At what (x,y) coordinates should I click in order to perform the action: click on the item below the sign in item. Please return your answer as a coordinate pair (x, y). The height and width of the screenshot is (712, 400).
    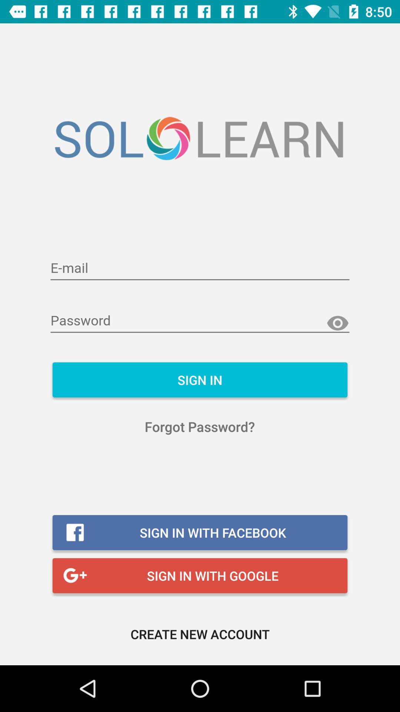
    Looking at the image, I should click on (199, 426).